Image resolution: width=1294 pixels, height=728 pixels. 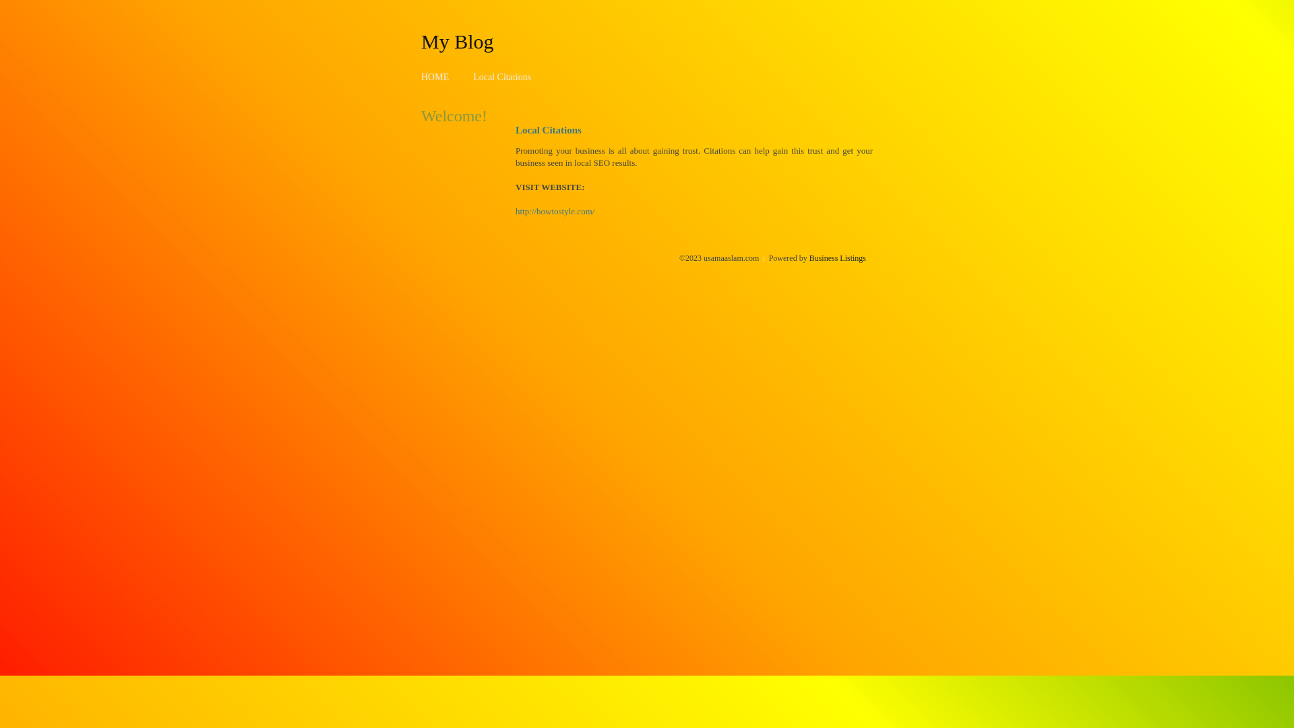 I want to click on 'http://howtostyle.com/', so click(x=555, y=211).